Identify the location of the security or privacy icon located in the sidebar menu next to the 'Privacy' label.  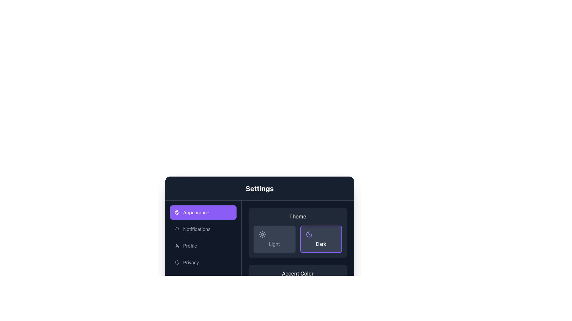
(177, 262).